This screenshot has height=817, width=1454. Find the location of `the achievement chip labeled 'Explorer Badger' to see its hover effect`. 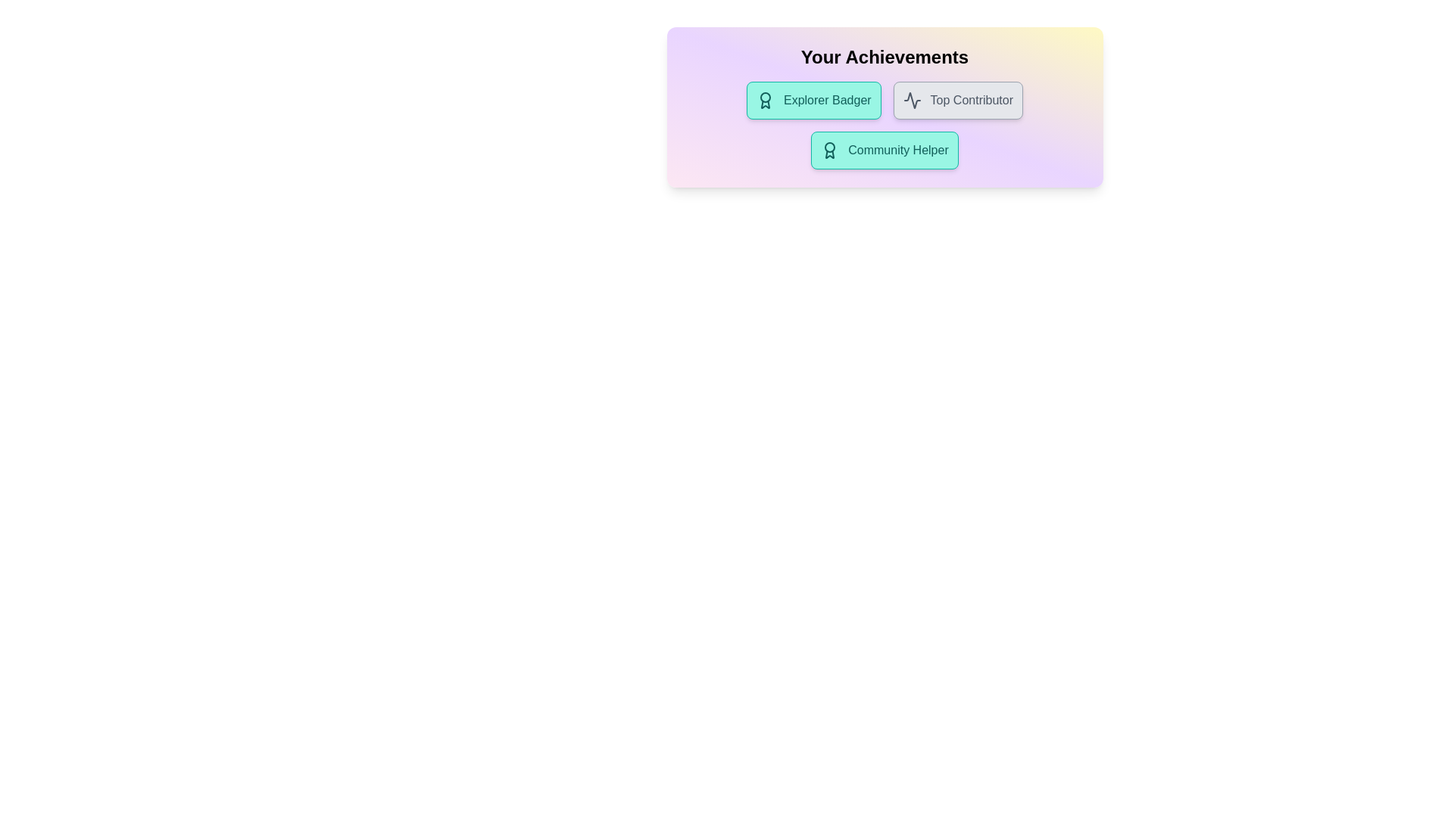

the achievement chip labeled 'Explorer Badger' to see its hover effect is located at coordinates (813, 100).